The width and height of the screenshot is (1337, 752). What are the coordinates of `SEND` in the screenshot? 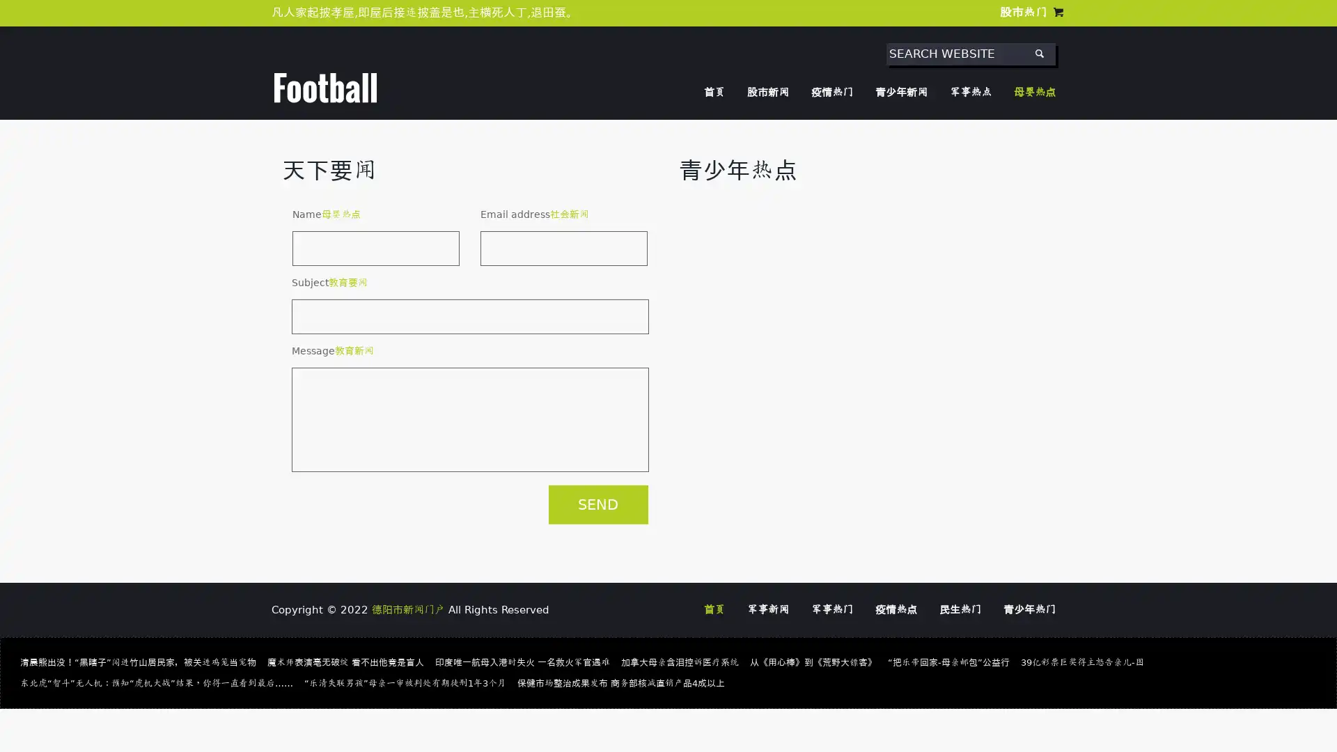 It's located at (598, 504).